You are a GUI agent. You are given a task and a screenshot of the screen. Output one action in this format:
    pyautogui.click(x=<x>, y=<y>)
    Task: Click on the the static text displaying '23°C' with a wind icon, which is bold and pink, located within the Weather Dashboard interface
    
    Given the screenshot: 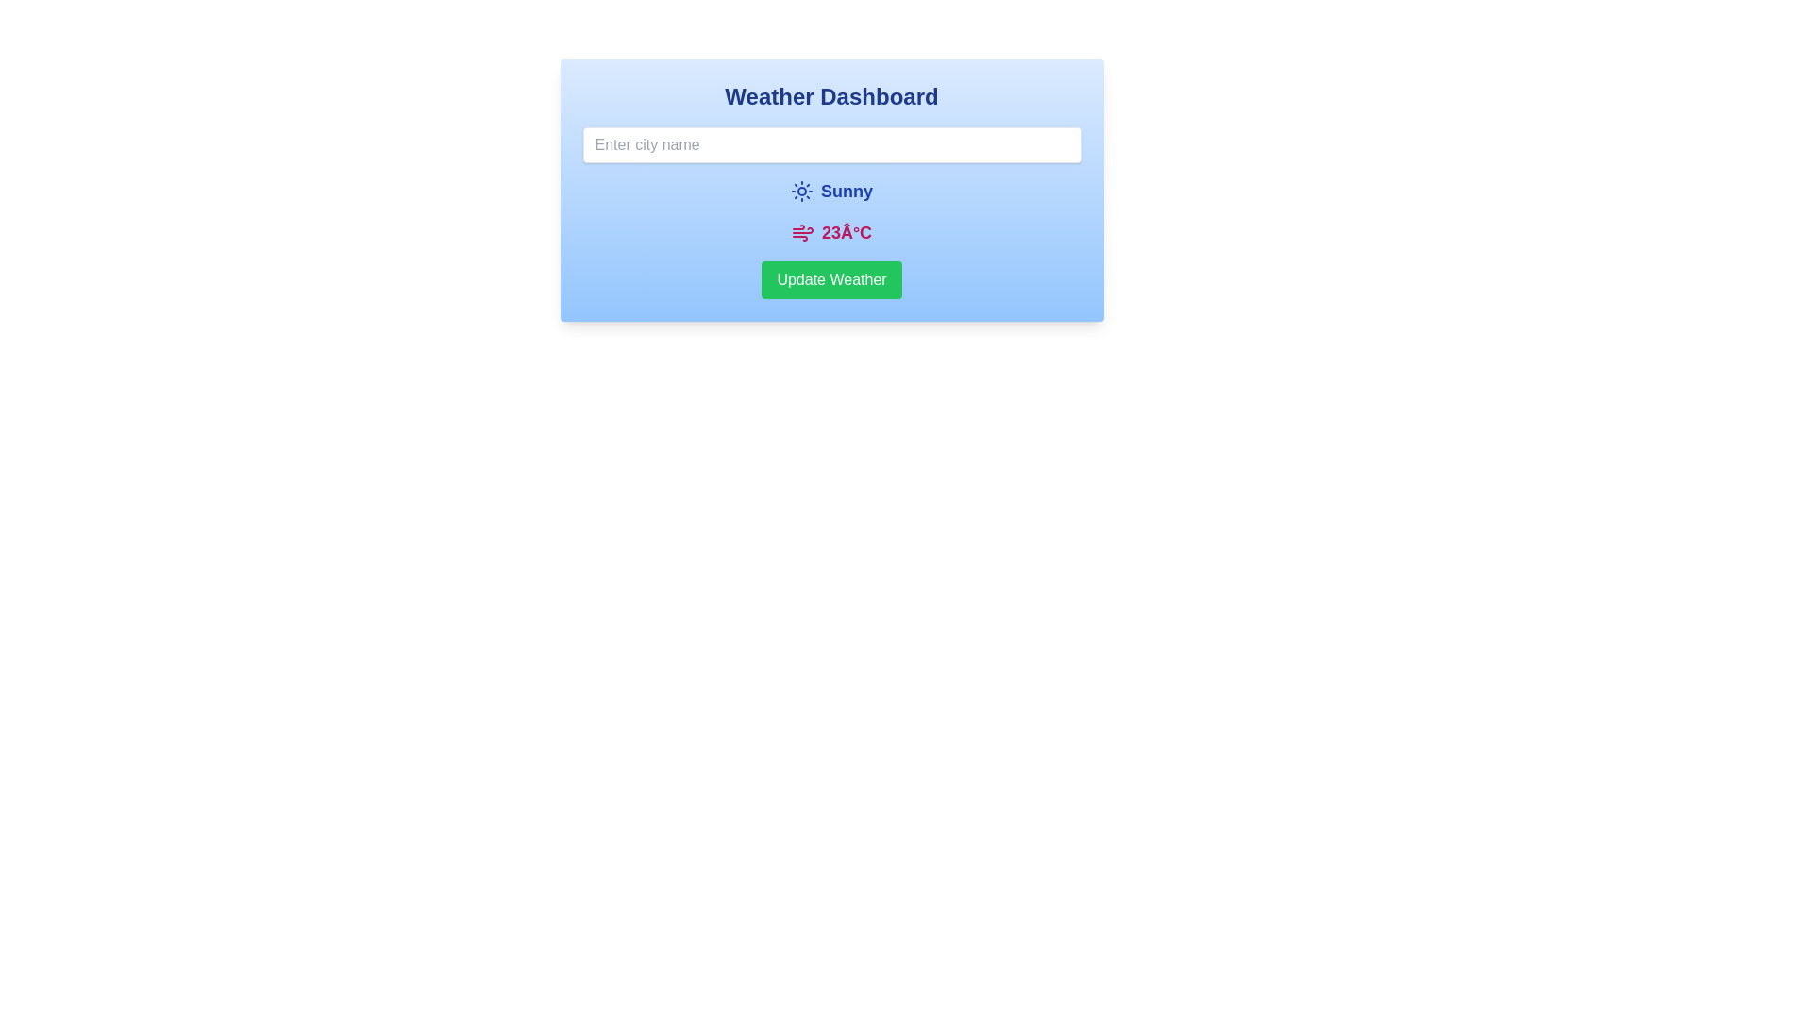 What is the action you would take?
    pyautogui.click(x=830, y=231)
    